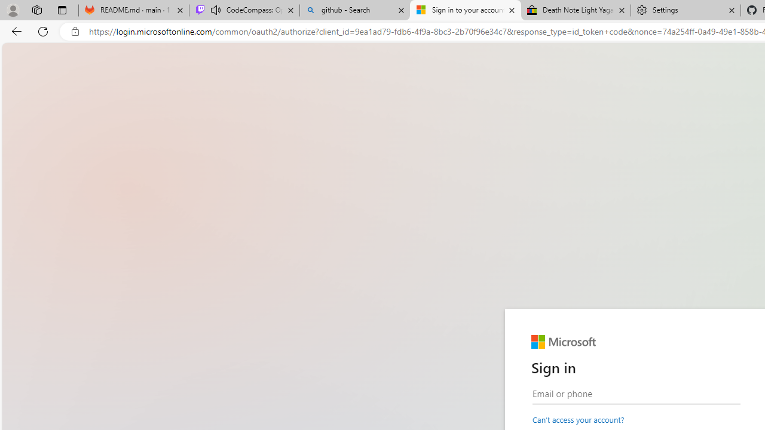 This screenshot has width=765, height=430. Describe the element at coordinates (465, 10) in the screenshot. I see `'Sign in to your account'` at that location.